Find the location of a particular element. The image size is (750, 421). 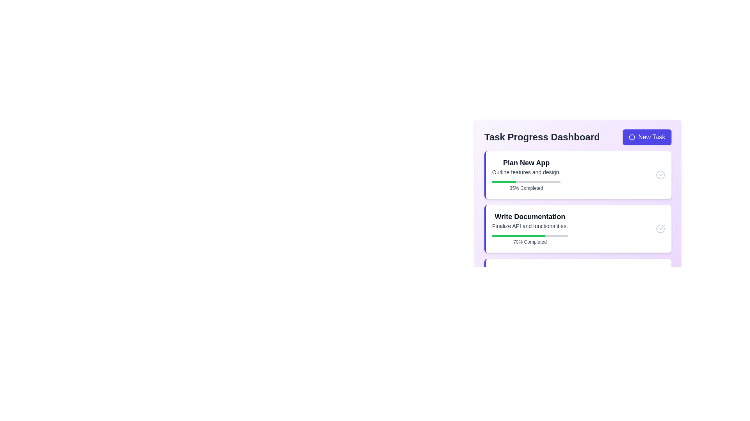

the Progress Indicator with Label that shows '70% Completed' indicating 70% progress in the card labeled 'Write Documentation' is located at coordinates (530, 237).